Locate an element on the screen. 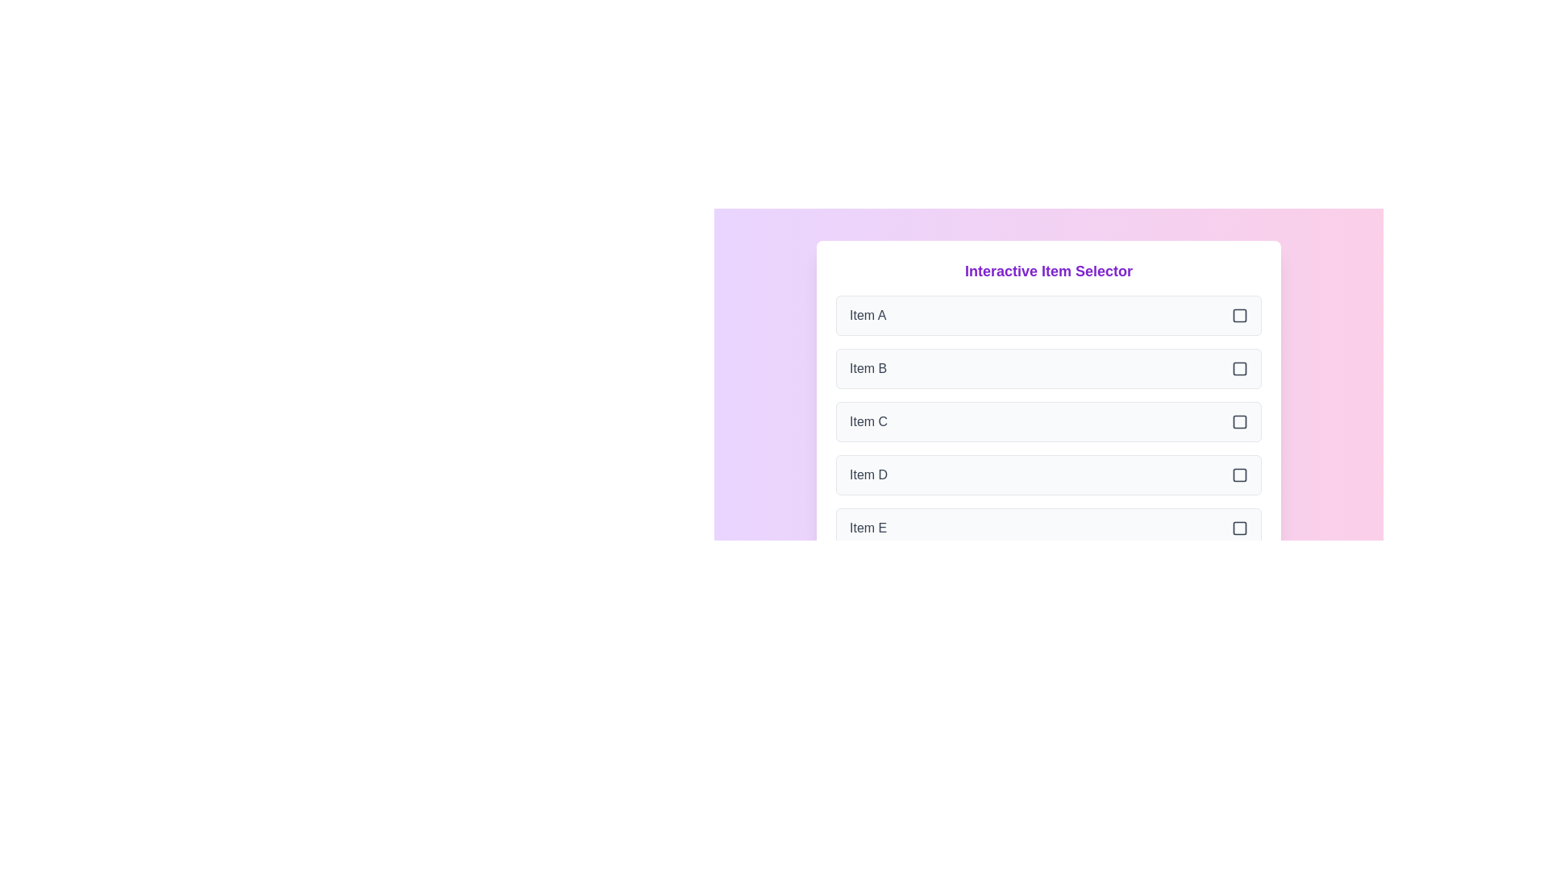 This screenshot has height=870, width=1548. the heading text 'Interactive Item Selector' is located at coordinates (1048, 270).